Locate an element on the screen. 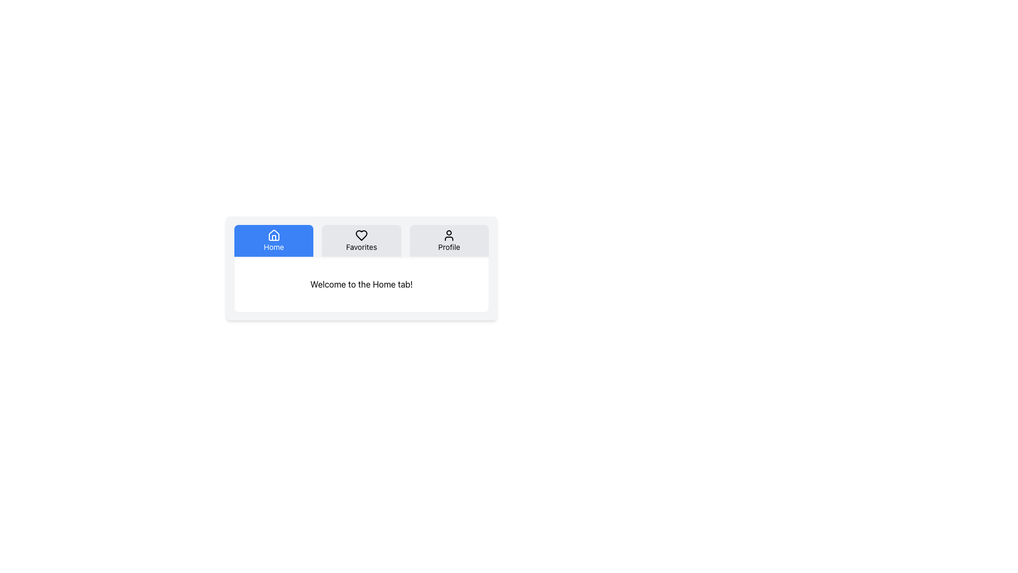  the 'Favorites' text label located in the second tab of the tab menu, which is styled in black on a light gray background and positioned below a heart icon is located at coordinates (361, 247).